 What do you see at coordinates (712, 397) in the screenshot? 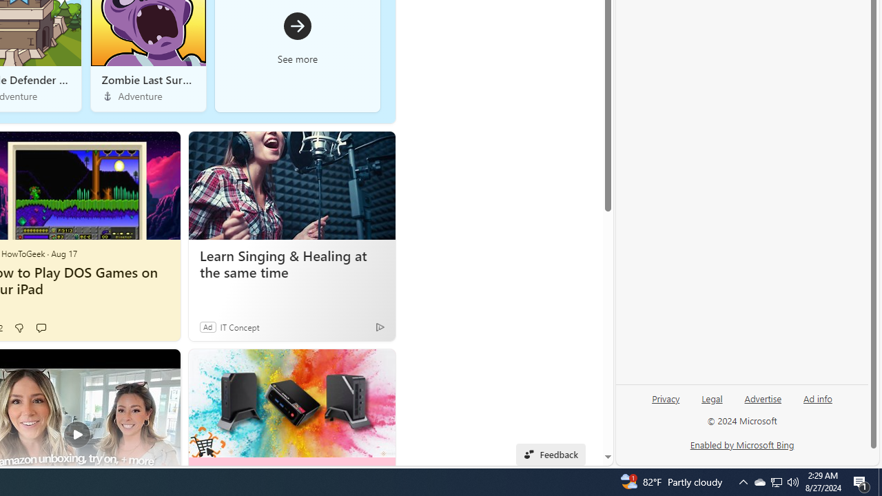
I see `'Legal'` at bounding box center [712, 397].